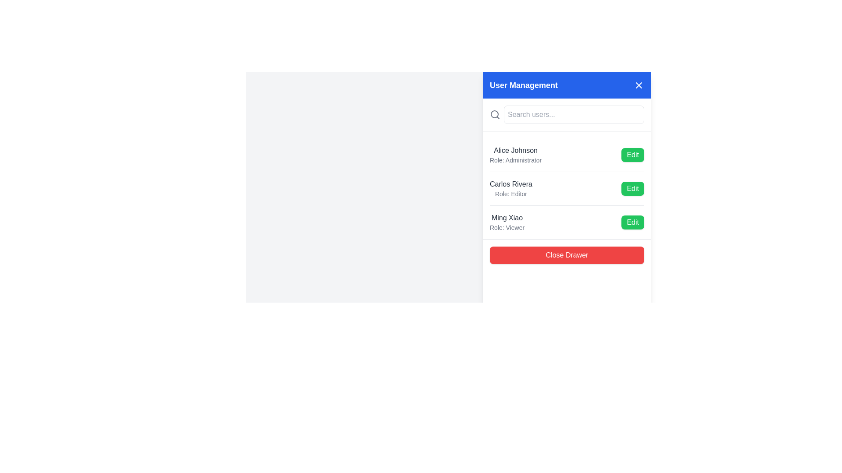 This screenshot has height=473, width=842. What do you see at coordinates (567, 222) in the screenshot?
I see `the user item element in the User Management interface for accessibility navigation, specifically the third entry which includes the 'Edit' button` at bounding box center [567, 222].